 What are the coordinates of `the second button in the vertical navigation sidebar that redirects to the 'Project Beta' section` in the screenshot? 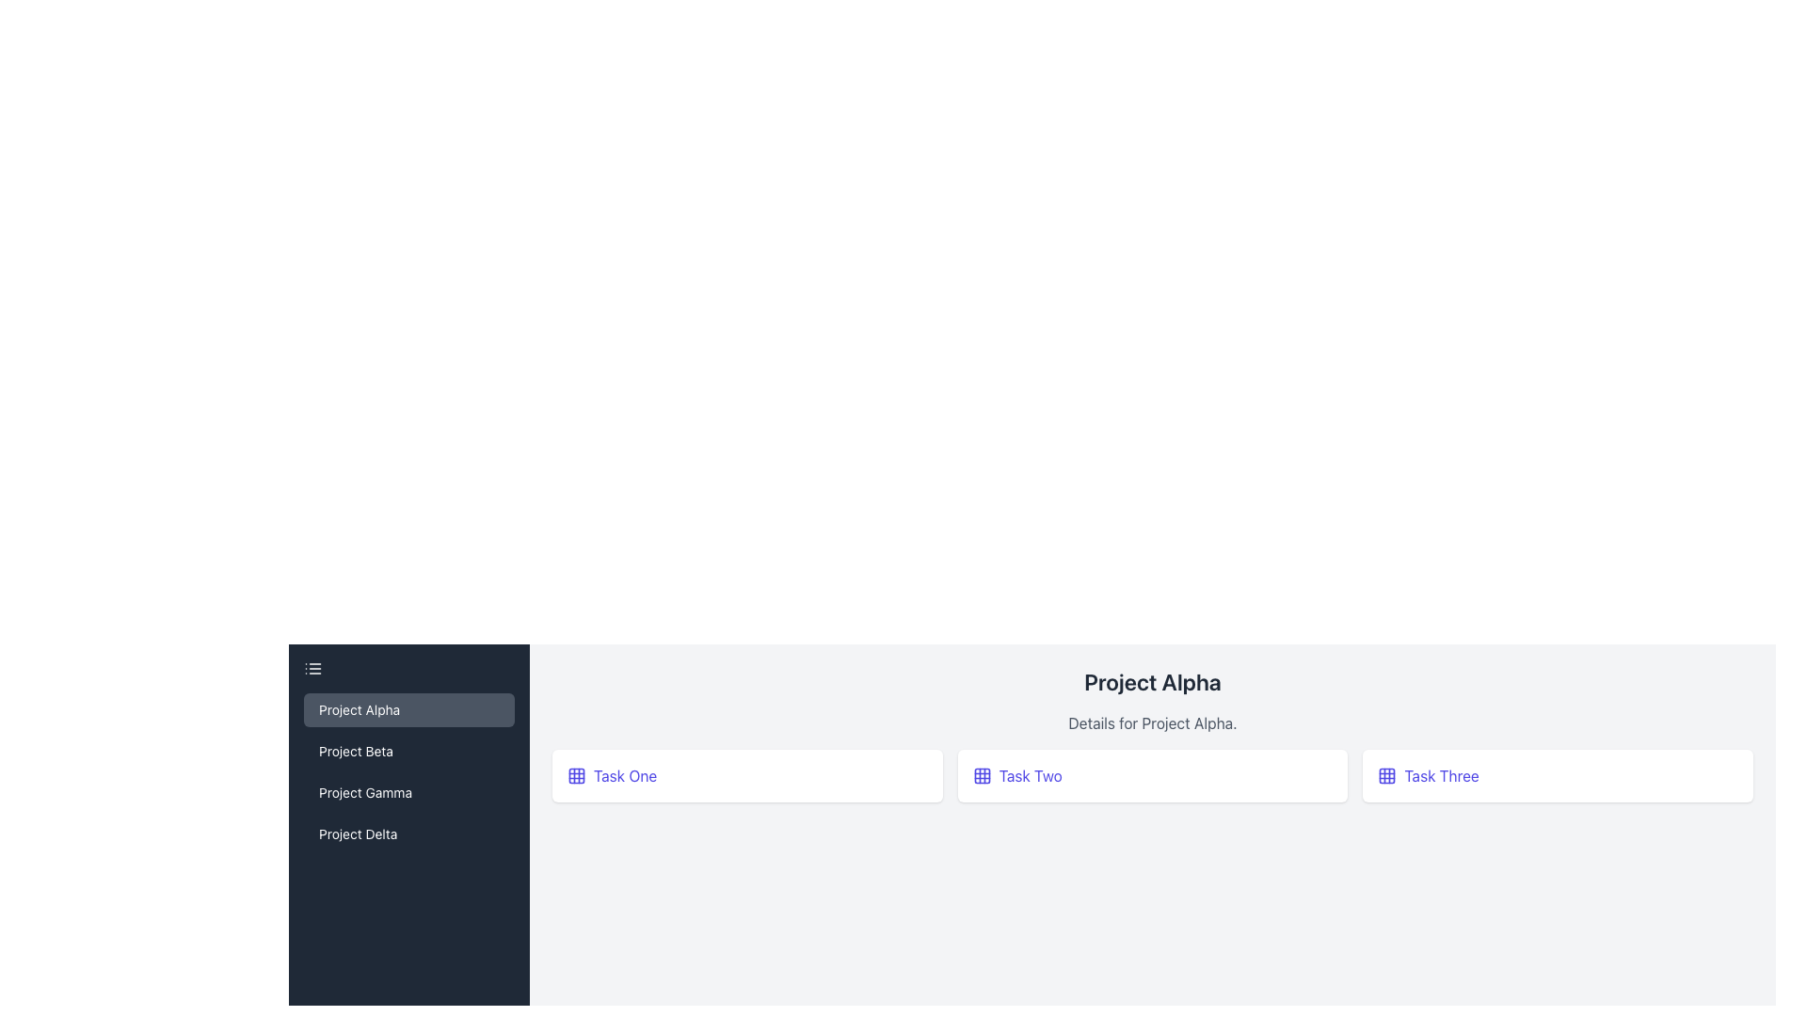 It's located at (408, 750).